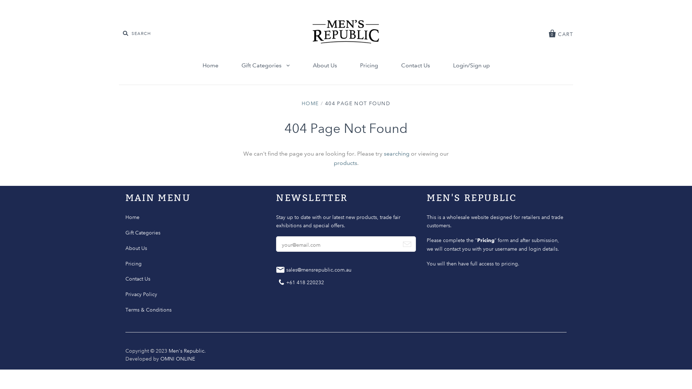 The width and height of the screenshot is (692, 389). What do you see at coordinates (345, 163) in the screenshot?
I see `'products'` at bounding box center [345, 163].